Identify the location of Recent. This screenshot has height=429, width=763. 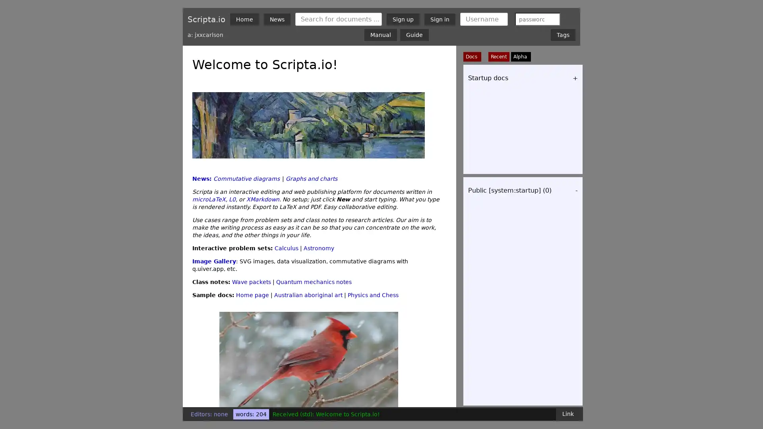
(498, 56).